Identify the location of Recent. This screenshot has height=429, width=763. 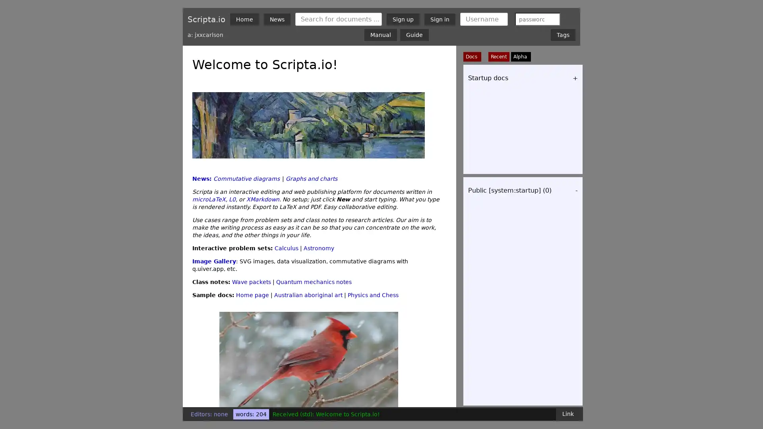
(498, 56).